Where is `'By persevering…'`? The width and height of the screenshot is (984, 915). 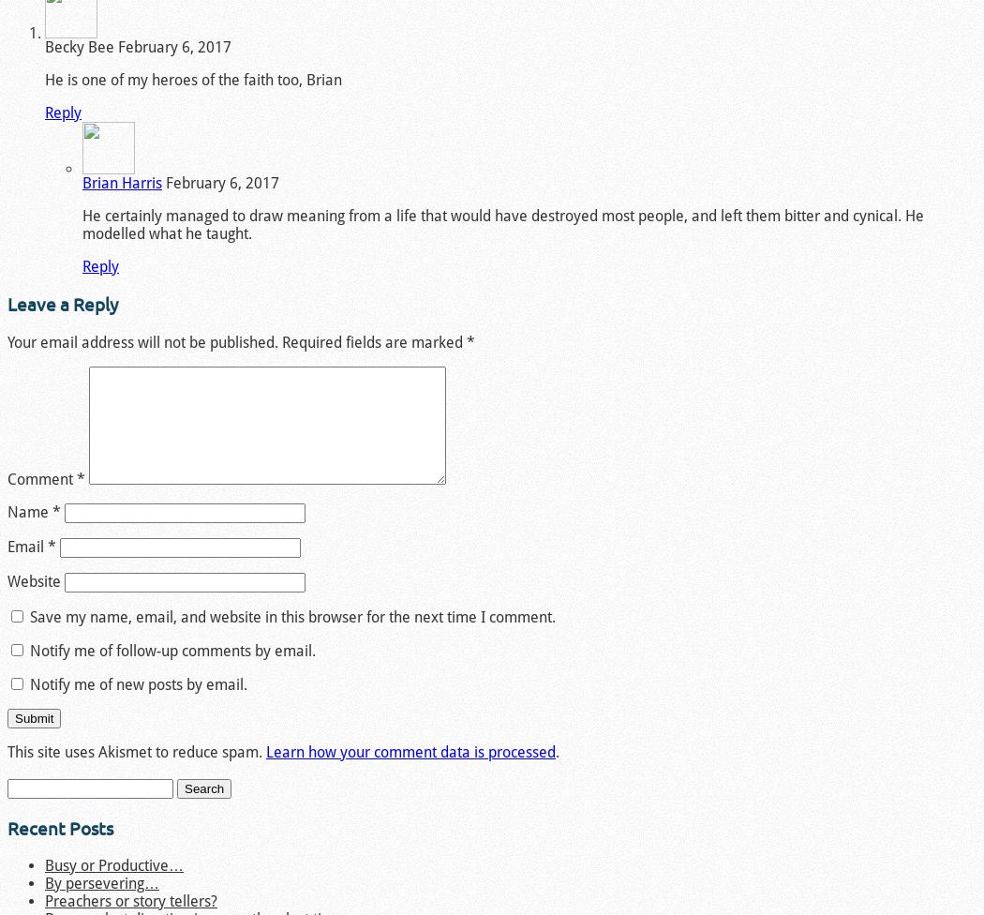 'By persevering…' is located at coordinates (101, 882).